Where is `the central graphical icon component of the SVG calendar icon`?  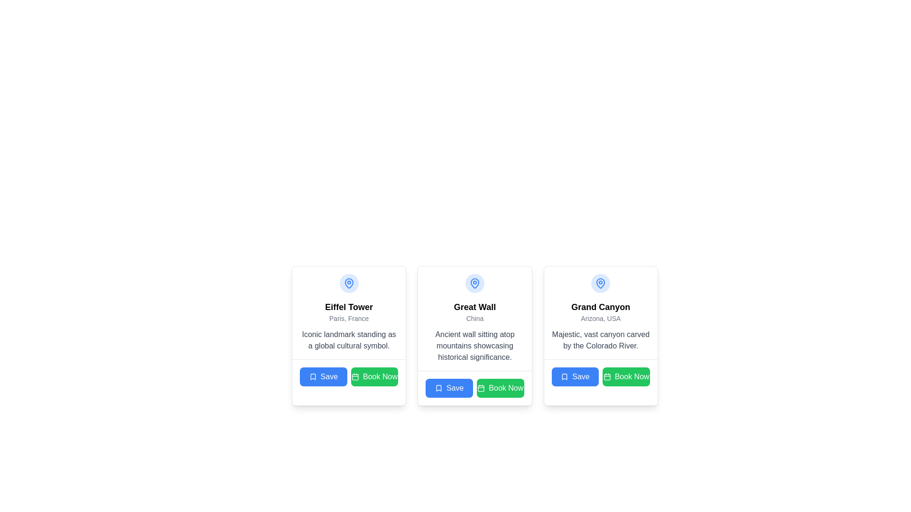 the central graphical icon component of the SVG calendar icon is located at coordinates (354, 376).